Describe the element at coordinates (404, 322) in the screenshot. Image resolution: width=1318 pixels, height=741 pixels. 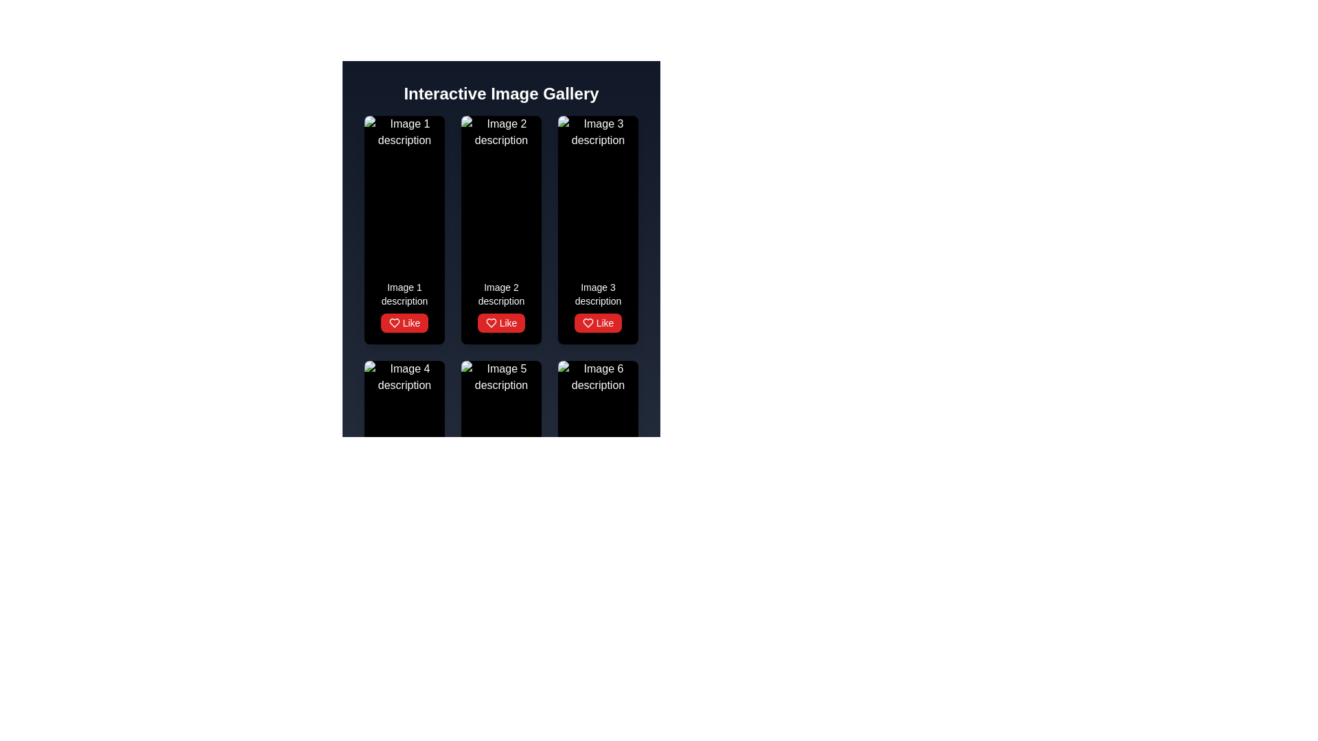
I see `the red button with a white heart icon and 'Like' text` at that location.